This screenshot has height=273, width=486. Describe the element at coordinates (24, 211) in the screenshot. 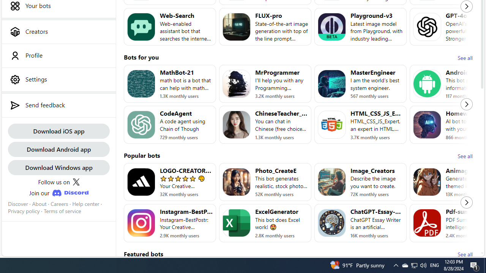

I see `'Privacy policy'` at that location.